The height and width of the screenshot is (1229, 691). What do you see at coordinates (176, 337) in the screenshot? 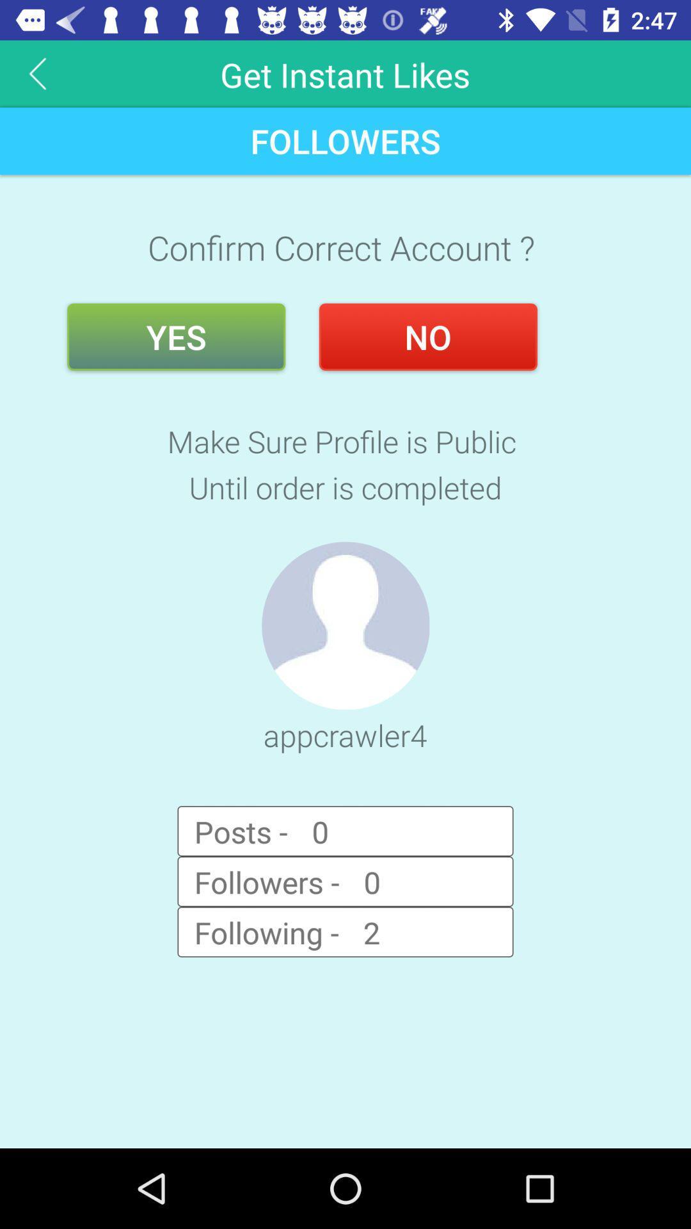
I see `the yes button` at bounding box center [176, 337].